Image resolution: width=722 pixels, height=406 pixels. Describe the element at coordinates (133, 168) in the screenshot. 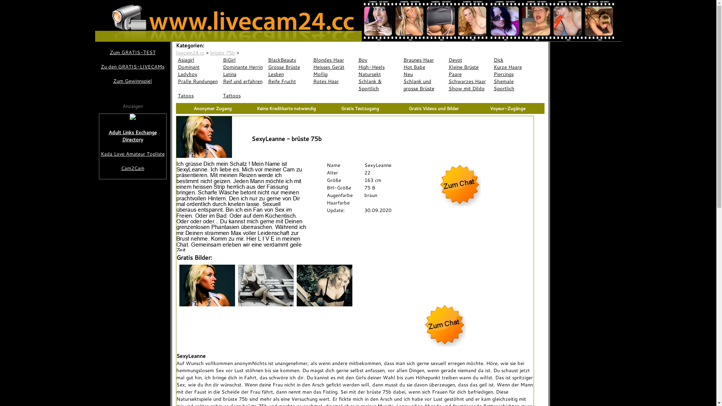

I see `'Cam2Cam'` at that location.